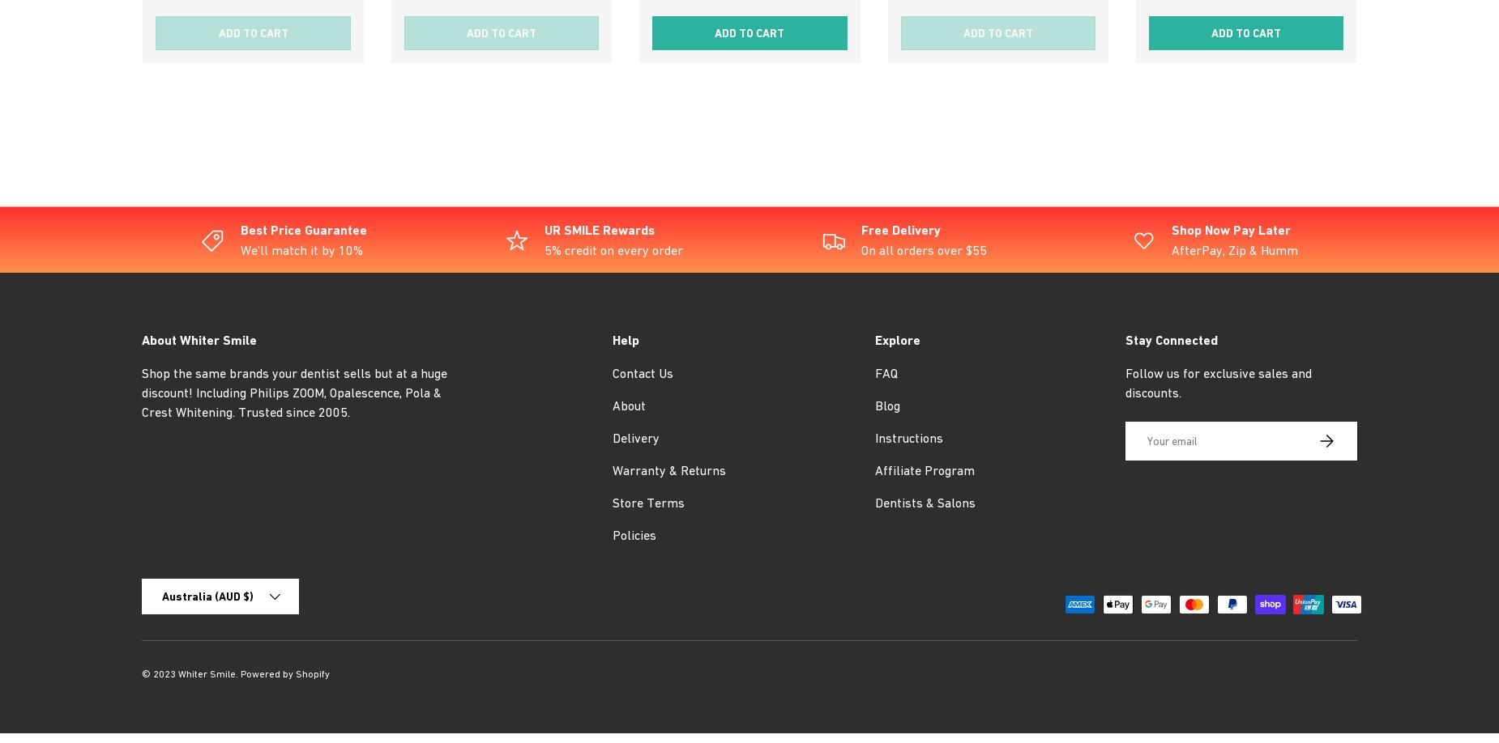  What do you see at coordinates (900, 229) in the screenshot?
I see `'Free Delivery'` at bounding box center [900, 229].